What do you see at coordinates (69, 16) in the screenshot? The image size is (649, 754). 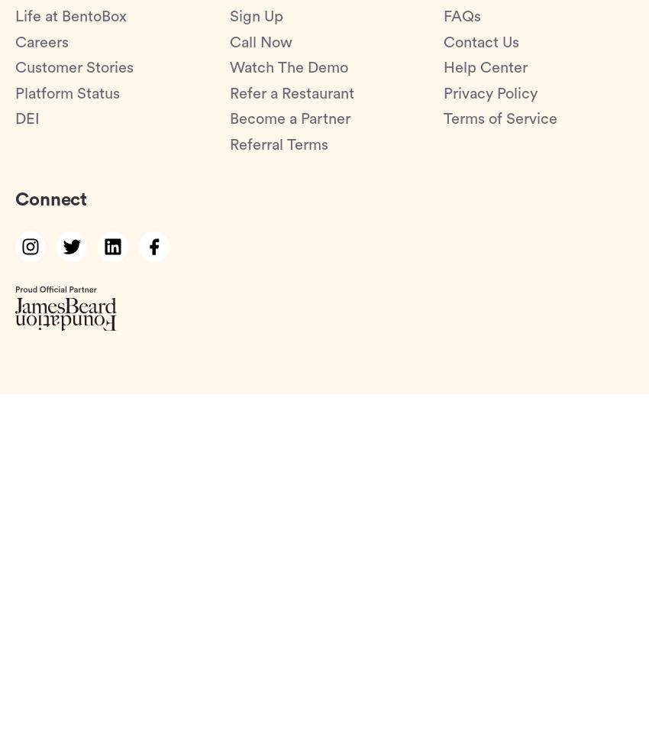 I see `'Life at BentoBox'` at bounding box center [69, 16].